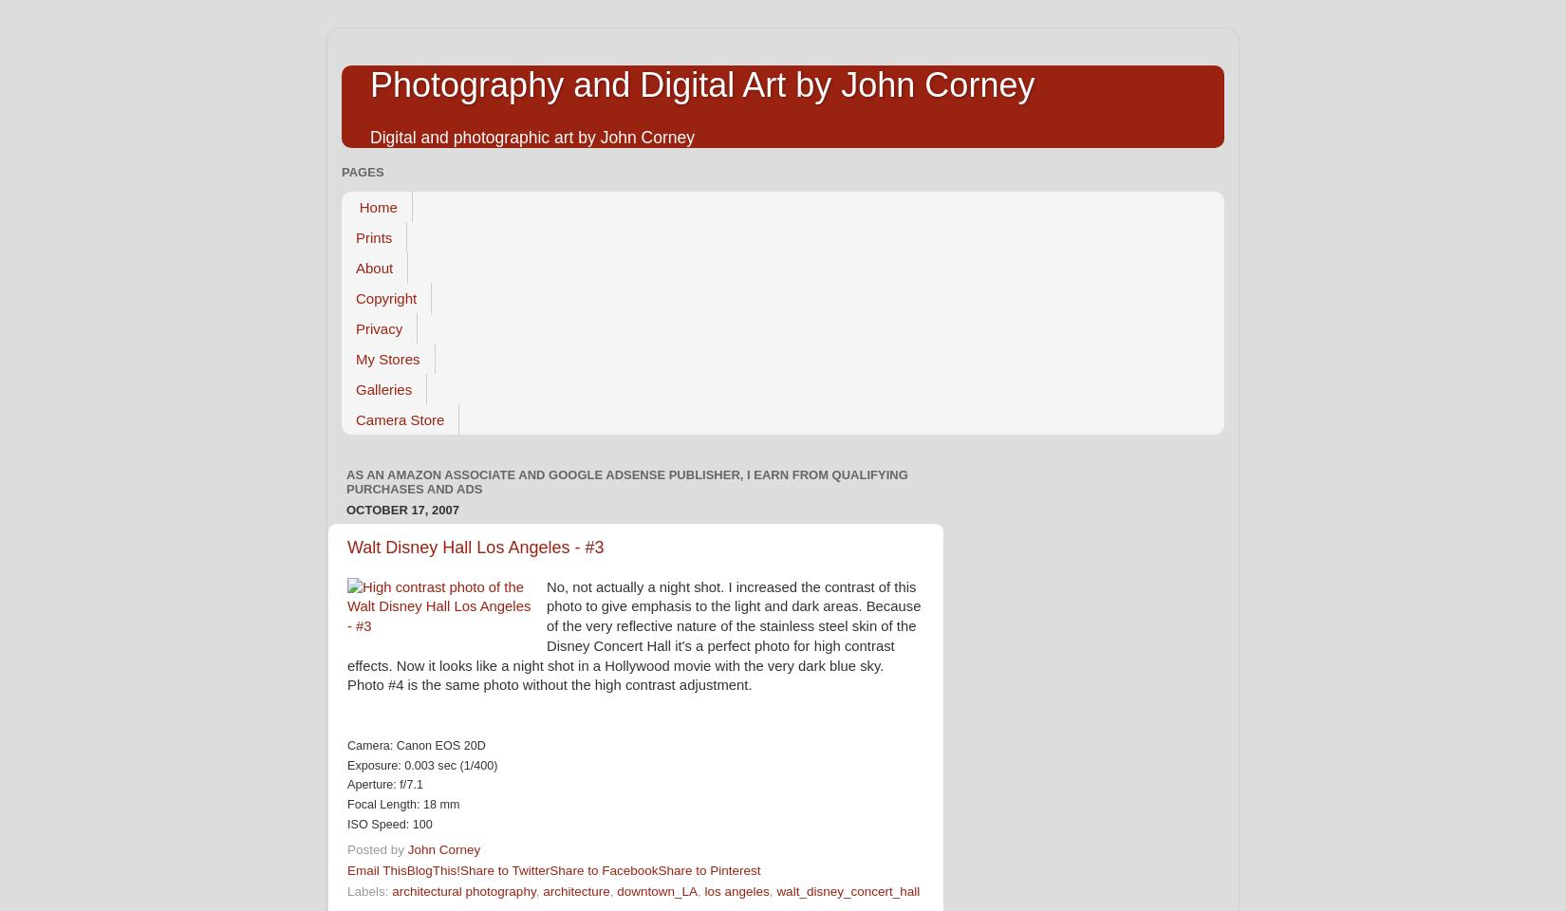  Describe the element at coordinates (369, 890) in the screenshot. I see `'Labels:'` at that location.